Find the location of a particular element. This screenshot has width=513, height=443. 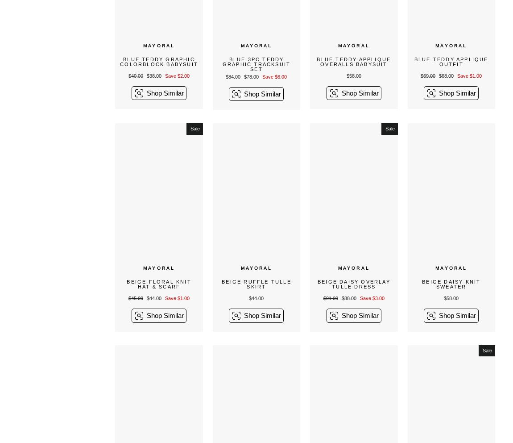

'$68.00' is located at coordinates (447, 75).